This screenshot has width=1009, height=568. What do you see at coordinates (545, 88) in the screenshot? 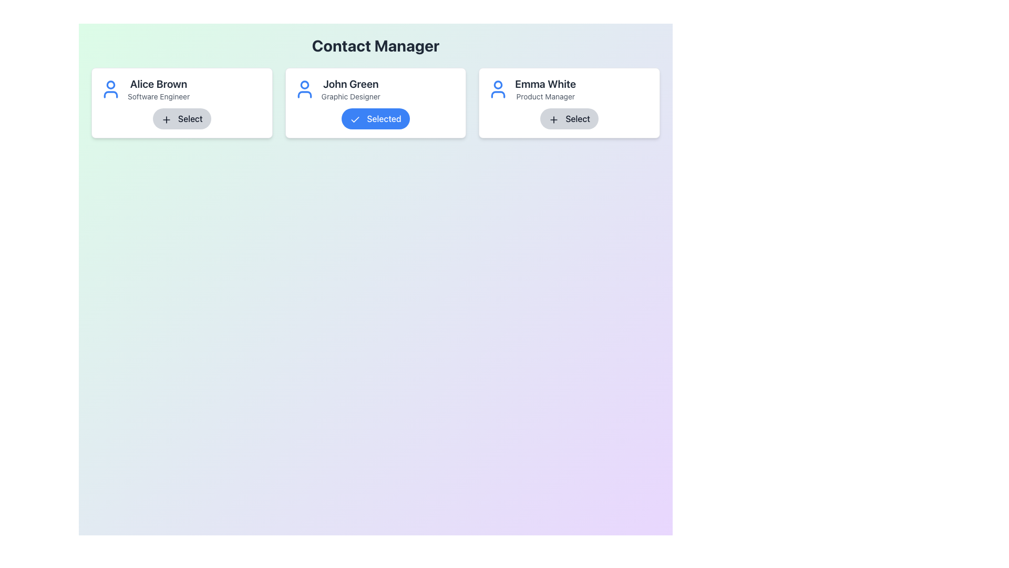
I see `the Textual Display element that shows the user's name and role, located at the top-right section of the user profile card` at bounding box center [545, 88].